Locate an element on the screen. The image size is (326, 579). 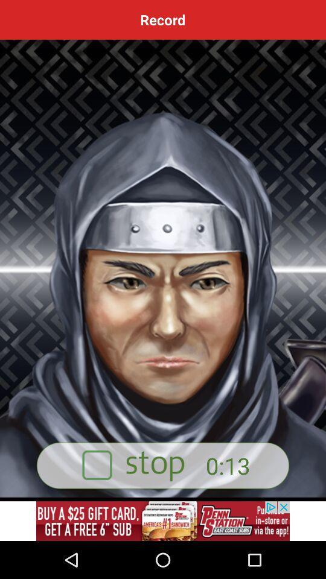
stop recording is located at coordinates (163, 465).